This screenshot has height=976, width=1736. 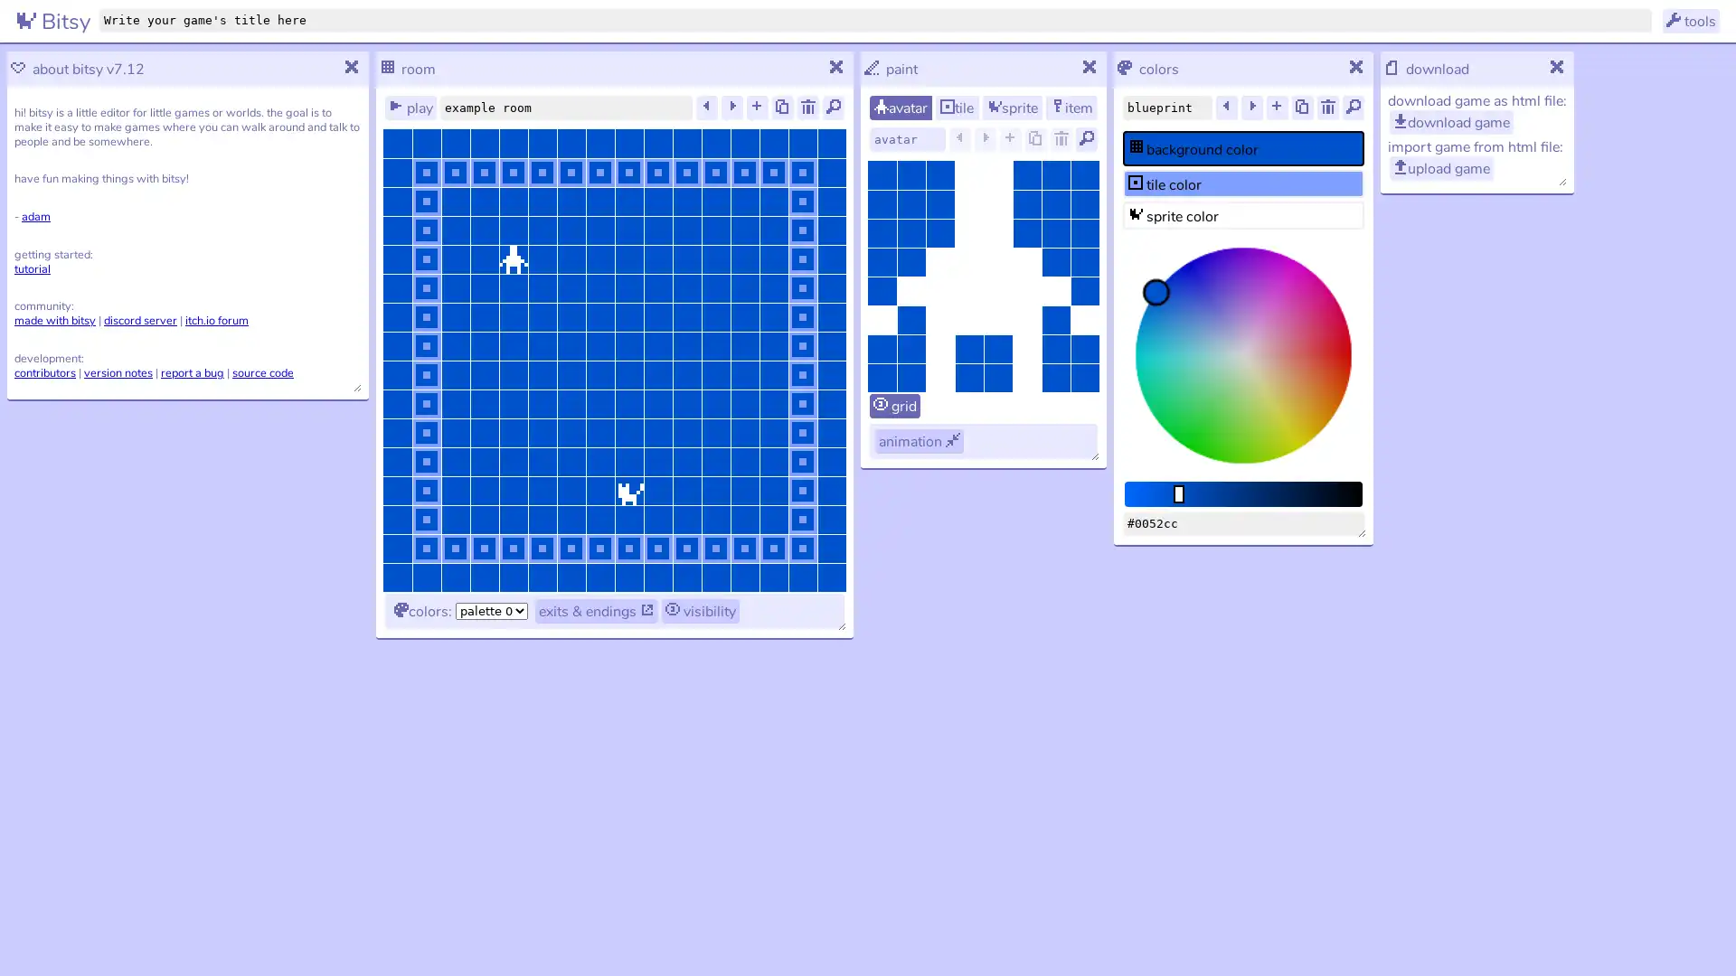 I want to click on add new room, so click(x=758, y=108).